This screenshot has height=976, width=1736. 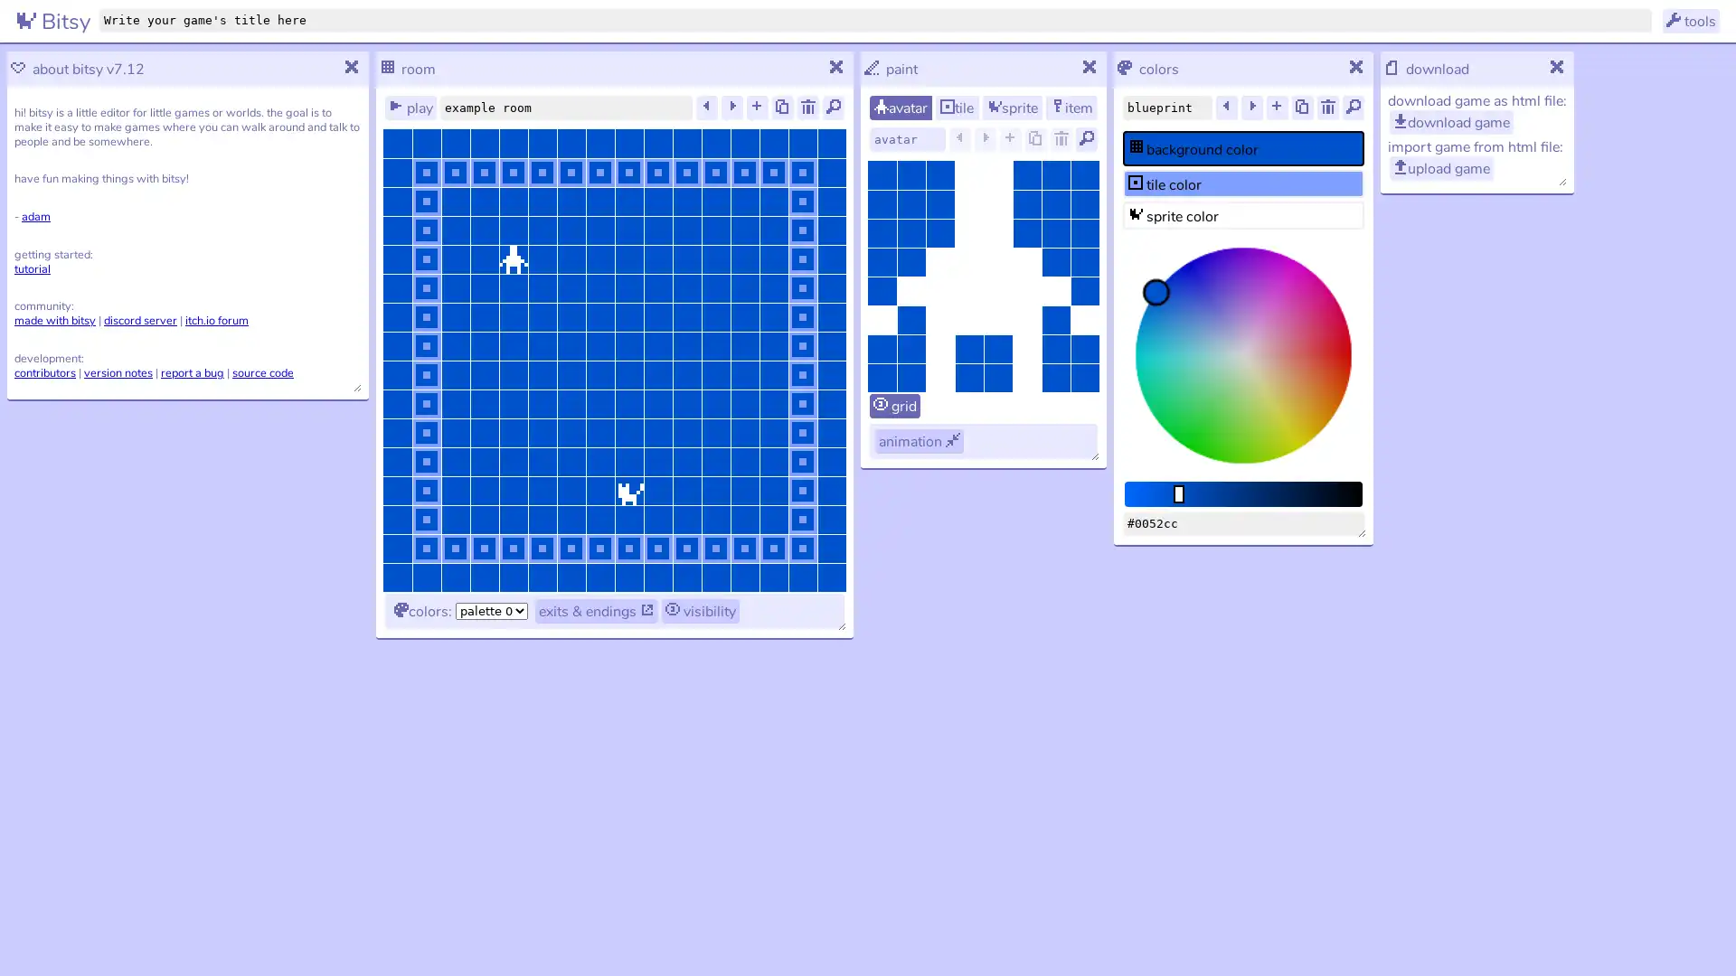 I want to click on add new room, so click(x=758, y=108).